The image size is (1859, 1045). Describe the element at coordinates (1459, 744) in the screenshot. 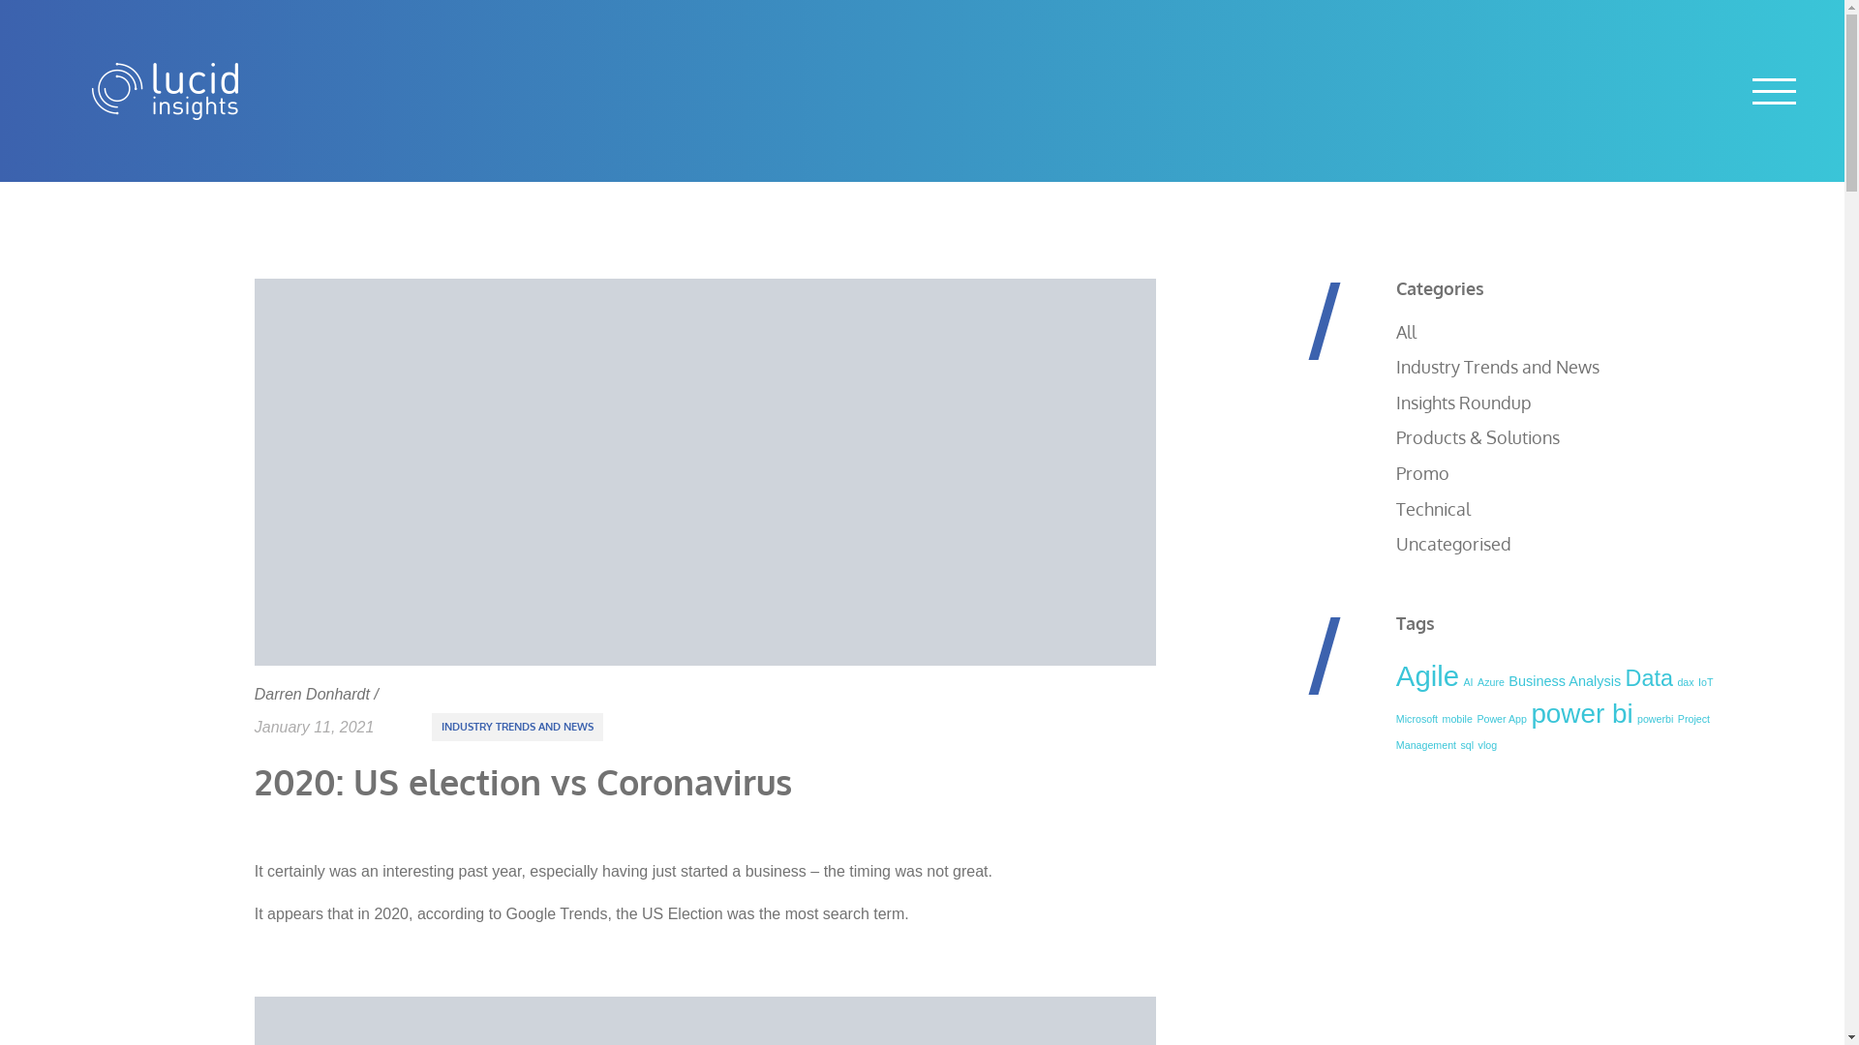

I see `'sql'` at that location.